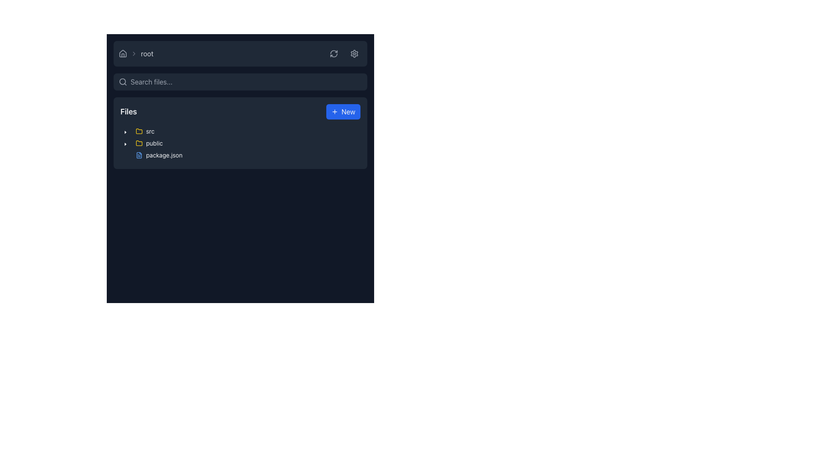 The image size is (820, 461). What do you see at coordinates (334, 111) in the screenshot?
I see `the SVG icon to the left of the 'New' button in the top right corner of the dark-themed interface` at bounding box center [334, 111].